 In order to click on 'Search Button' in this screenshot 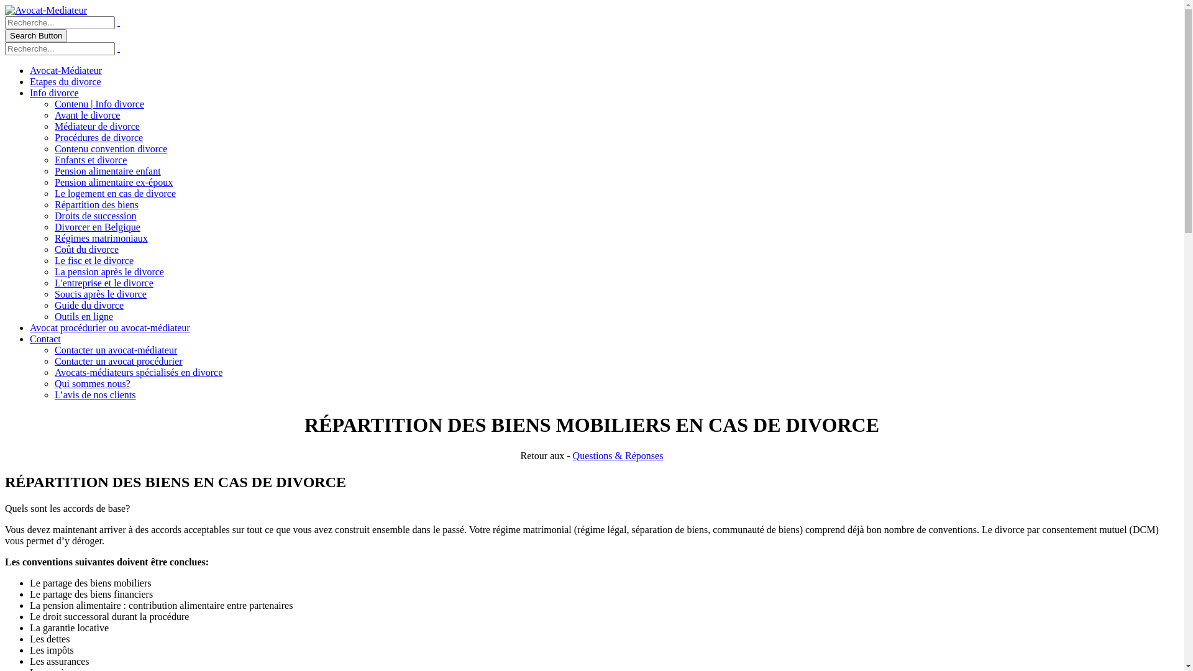, I will do `click(35, 35)`.